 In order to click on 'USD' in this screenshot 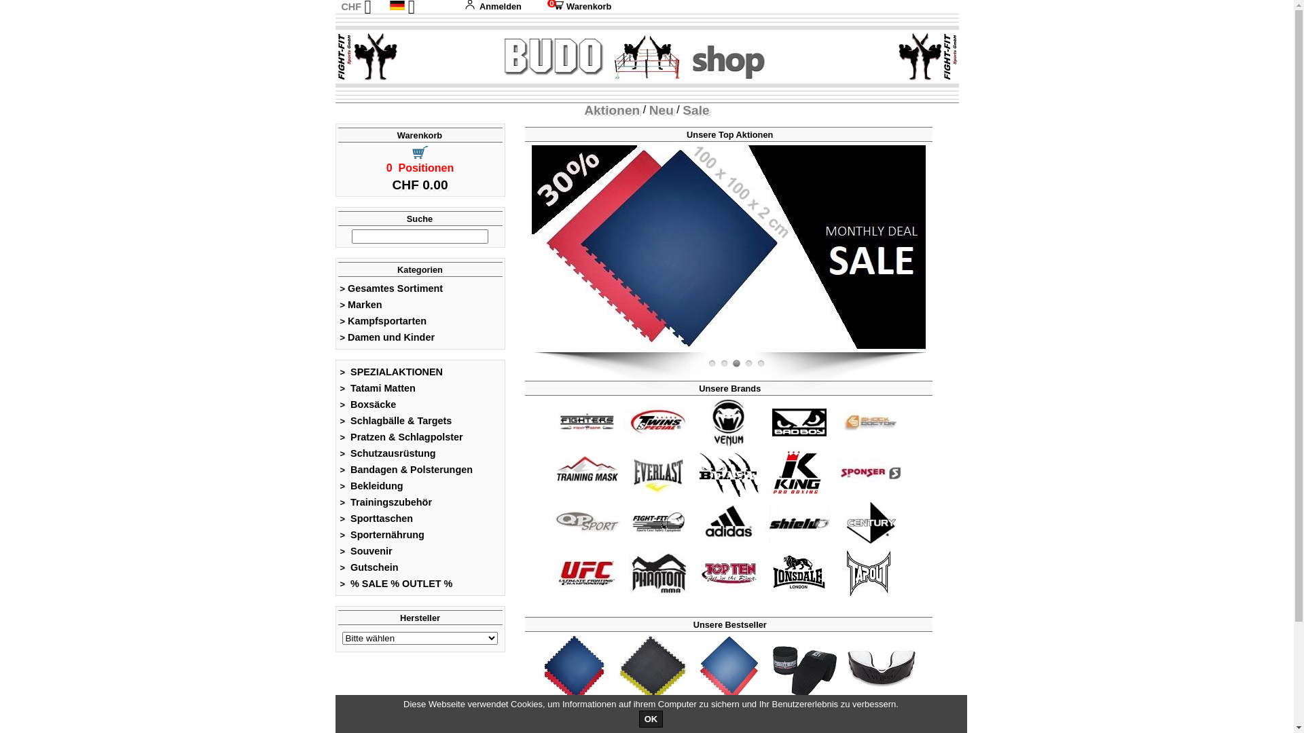, I will do `click(350, 34)`.